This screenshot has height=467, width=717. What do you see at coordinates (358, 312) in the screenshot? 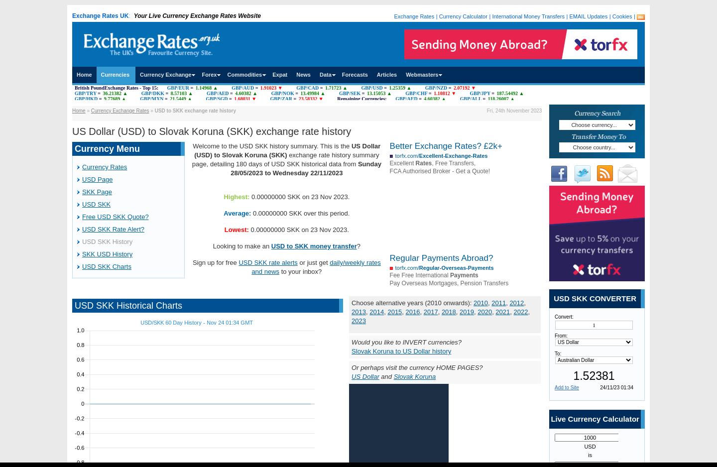
I see `'2013'` at bounding box center [358, 312].